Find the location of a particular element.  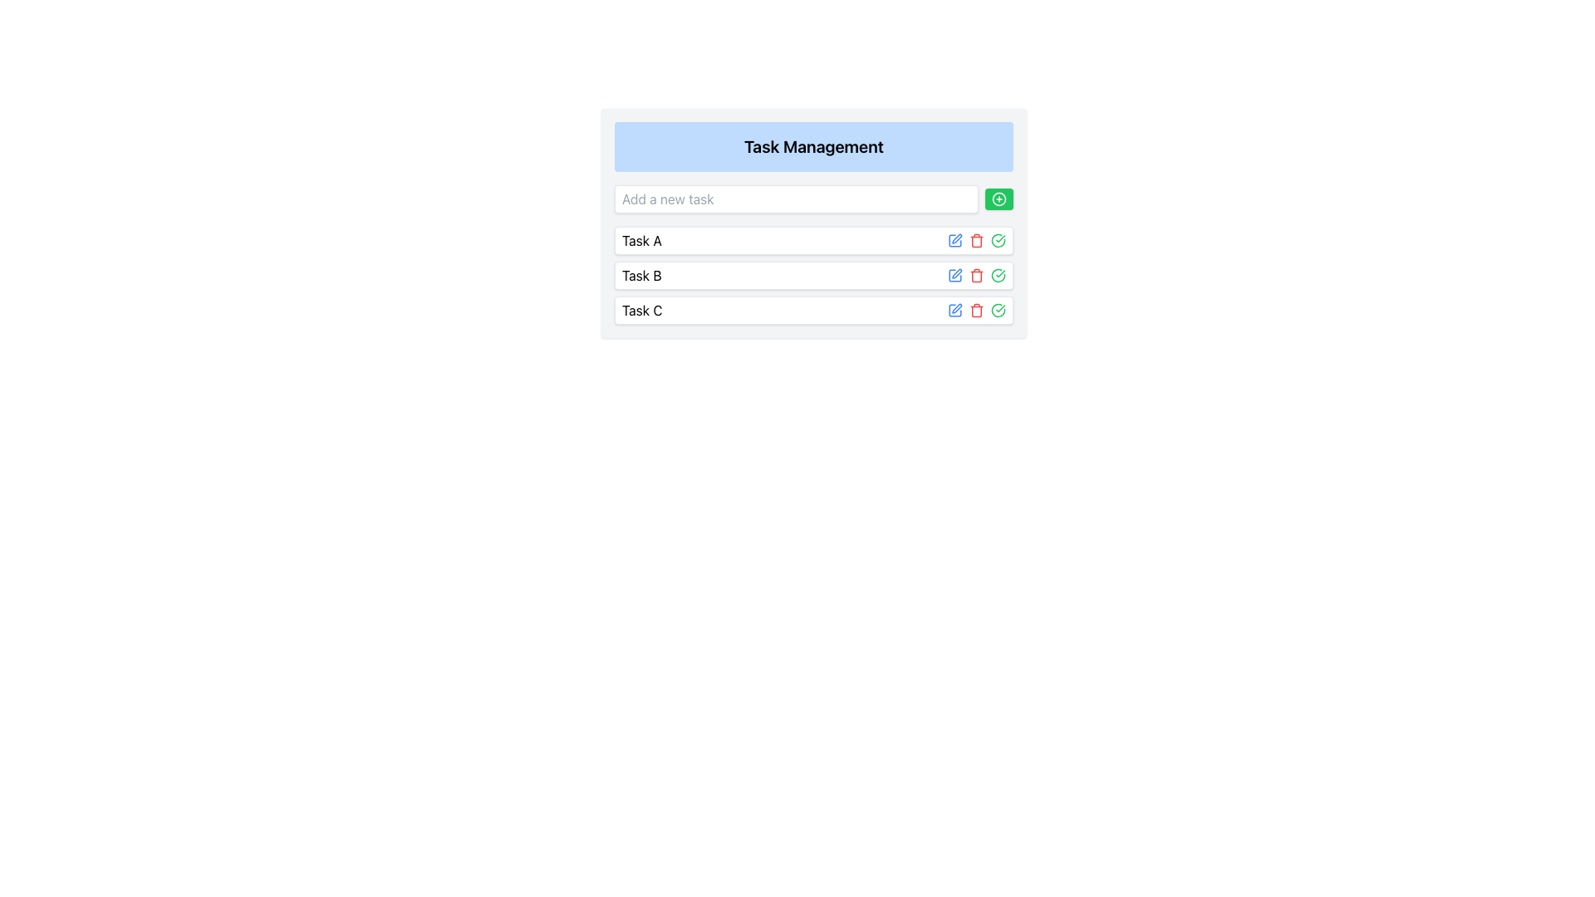

the 'Task B' text label, which is the second item in a vertical list of tasks in the task management interface is located at coordinates (640, 274).